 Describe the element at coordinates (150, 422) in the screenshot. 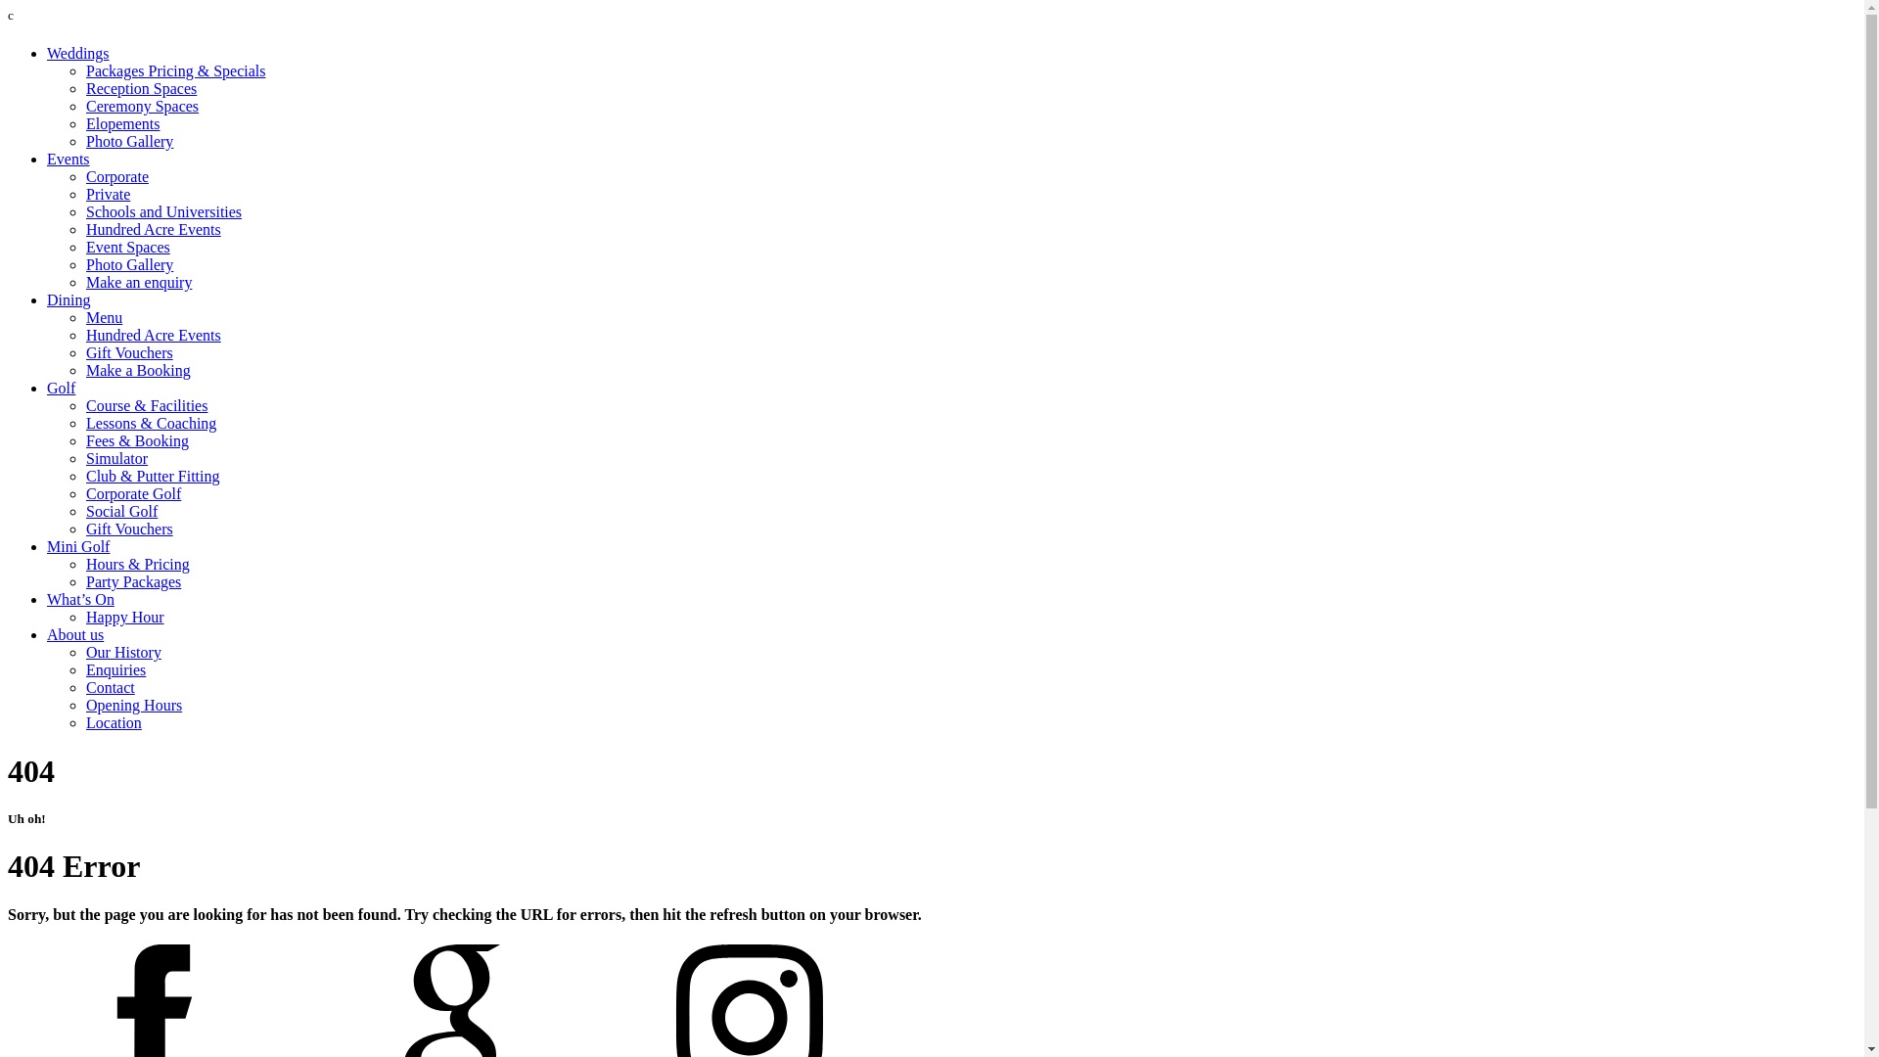

I see `'Lessons & Coaching'` at that location.